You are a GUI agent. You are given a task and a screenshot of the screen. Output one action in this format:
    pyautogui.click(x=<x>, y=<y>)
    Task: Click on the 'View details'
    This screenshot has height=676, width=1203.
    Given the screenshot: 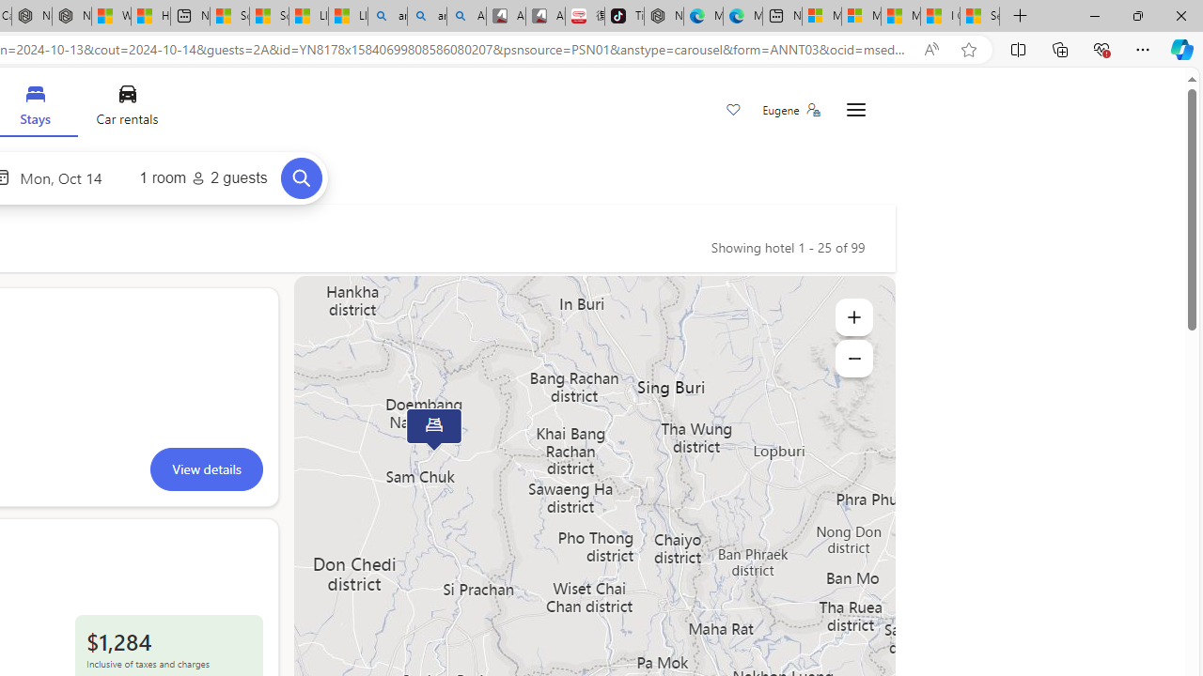 What is the action you would take?
    pyautogui.click(x=206, y=468)
    